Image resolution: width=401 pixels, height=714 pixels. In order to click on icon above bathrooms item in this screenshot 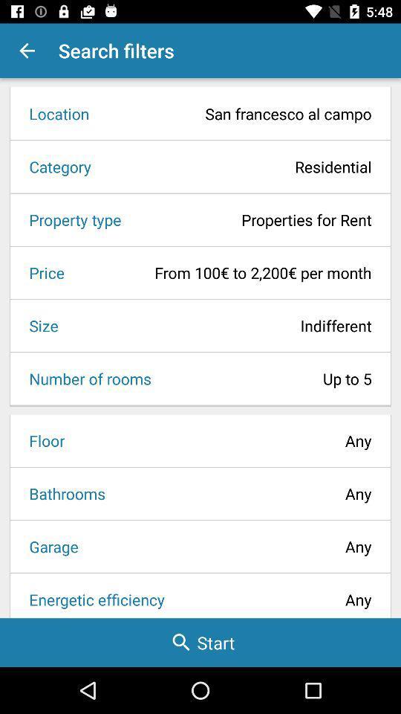, I will do `click(42, 440)`.